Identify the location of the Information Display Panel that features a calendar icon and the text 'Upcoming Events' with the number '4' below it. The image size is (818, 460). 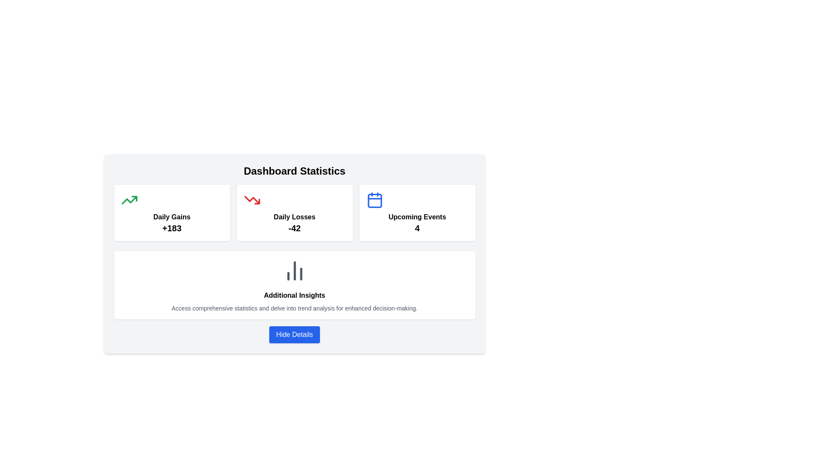
(417, 213).